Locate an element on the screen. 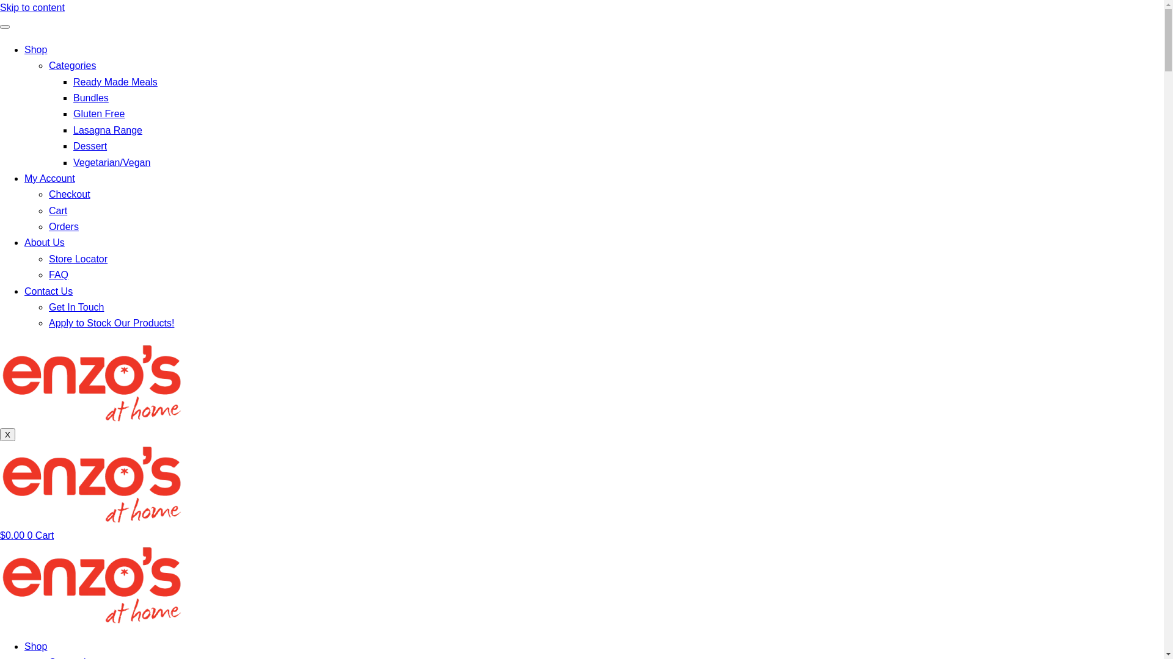  'Get In Touch' is located at coordinates (49, 306).